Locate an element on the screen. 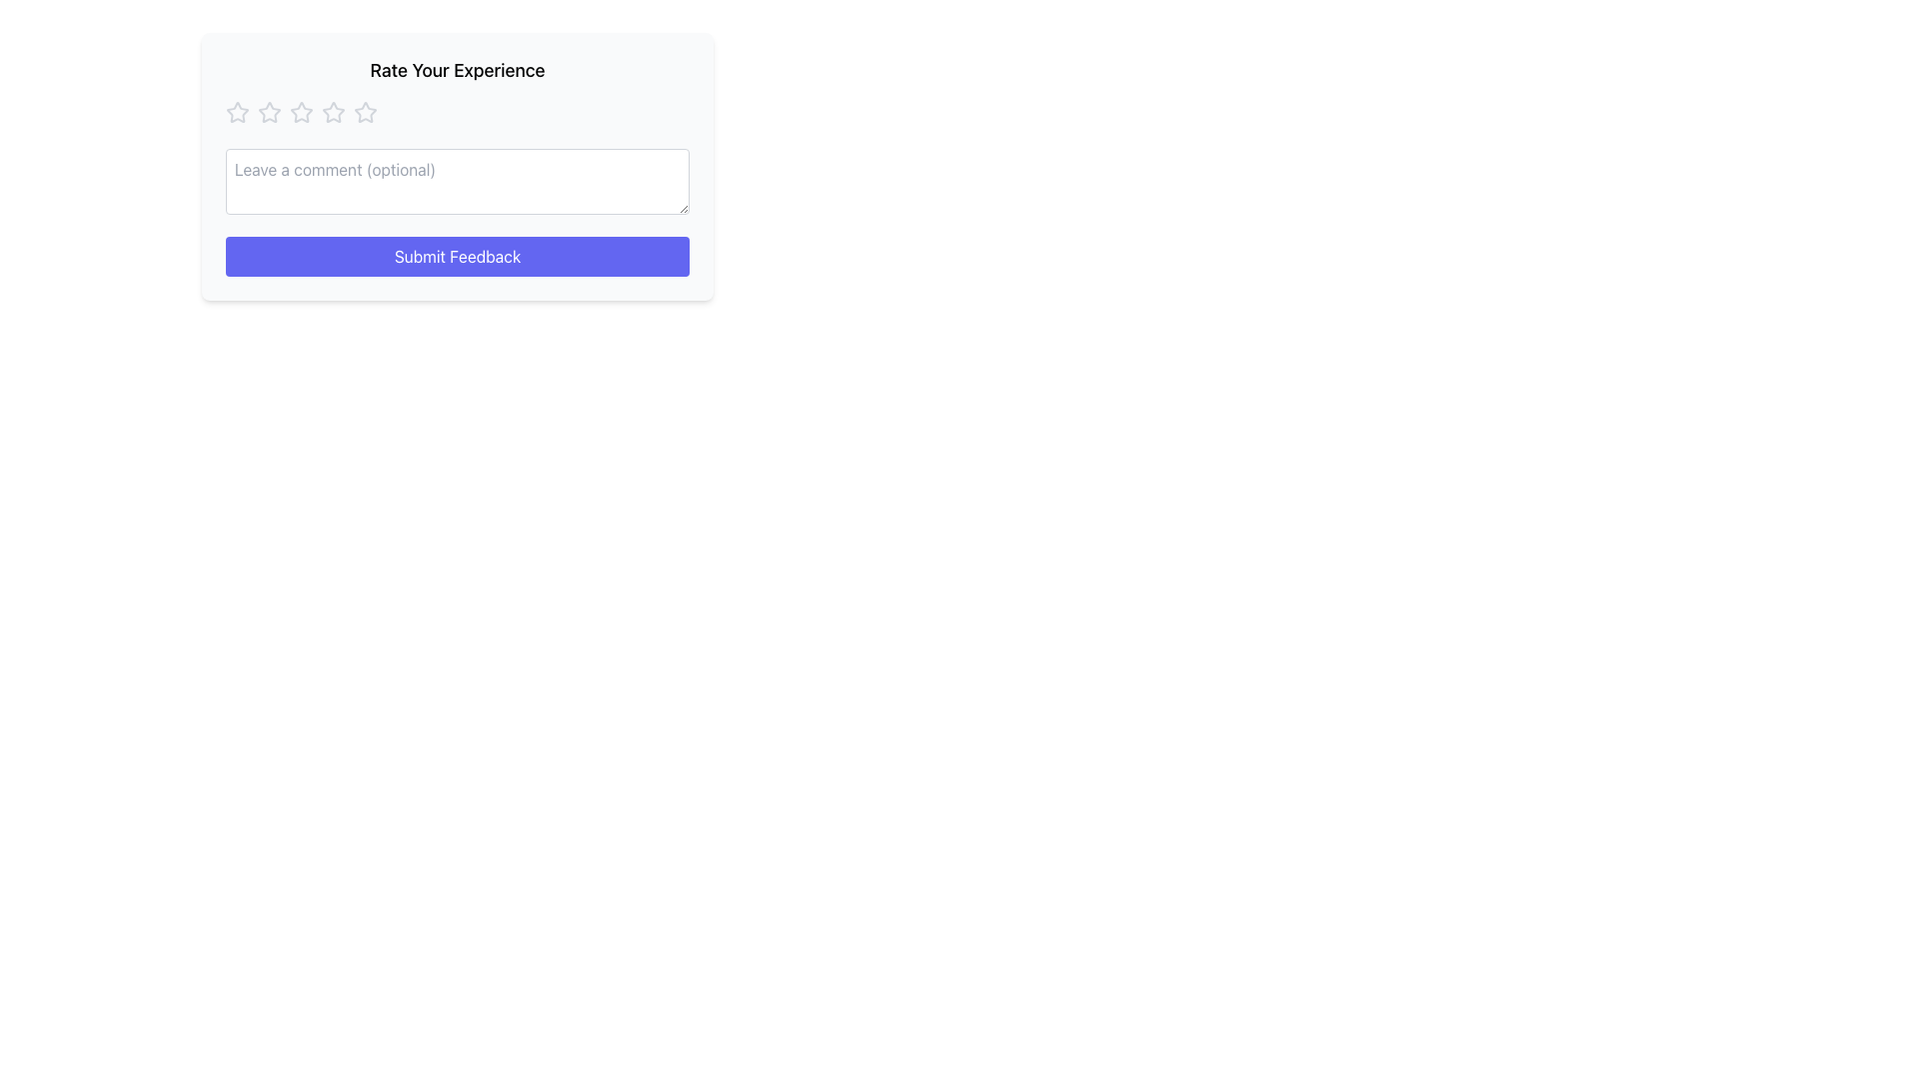  the second star in the row of five stars at the top portion of the feedback form to assign a rating is located at coordinates (268, 112).